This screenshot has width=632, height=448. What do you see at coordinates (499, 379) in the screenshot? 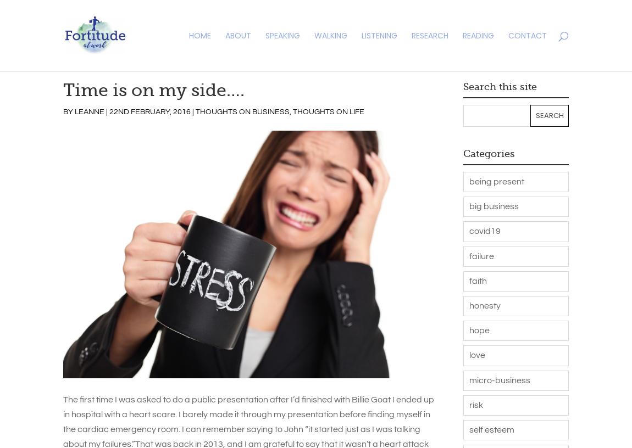
I see `'micro-business'` at bounding box center [499, 379].